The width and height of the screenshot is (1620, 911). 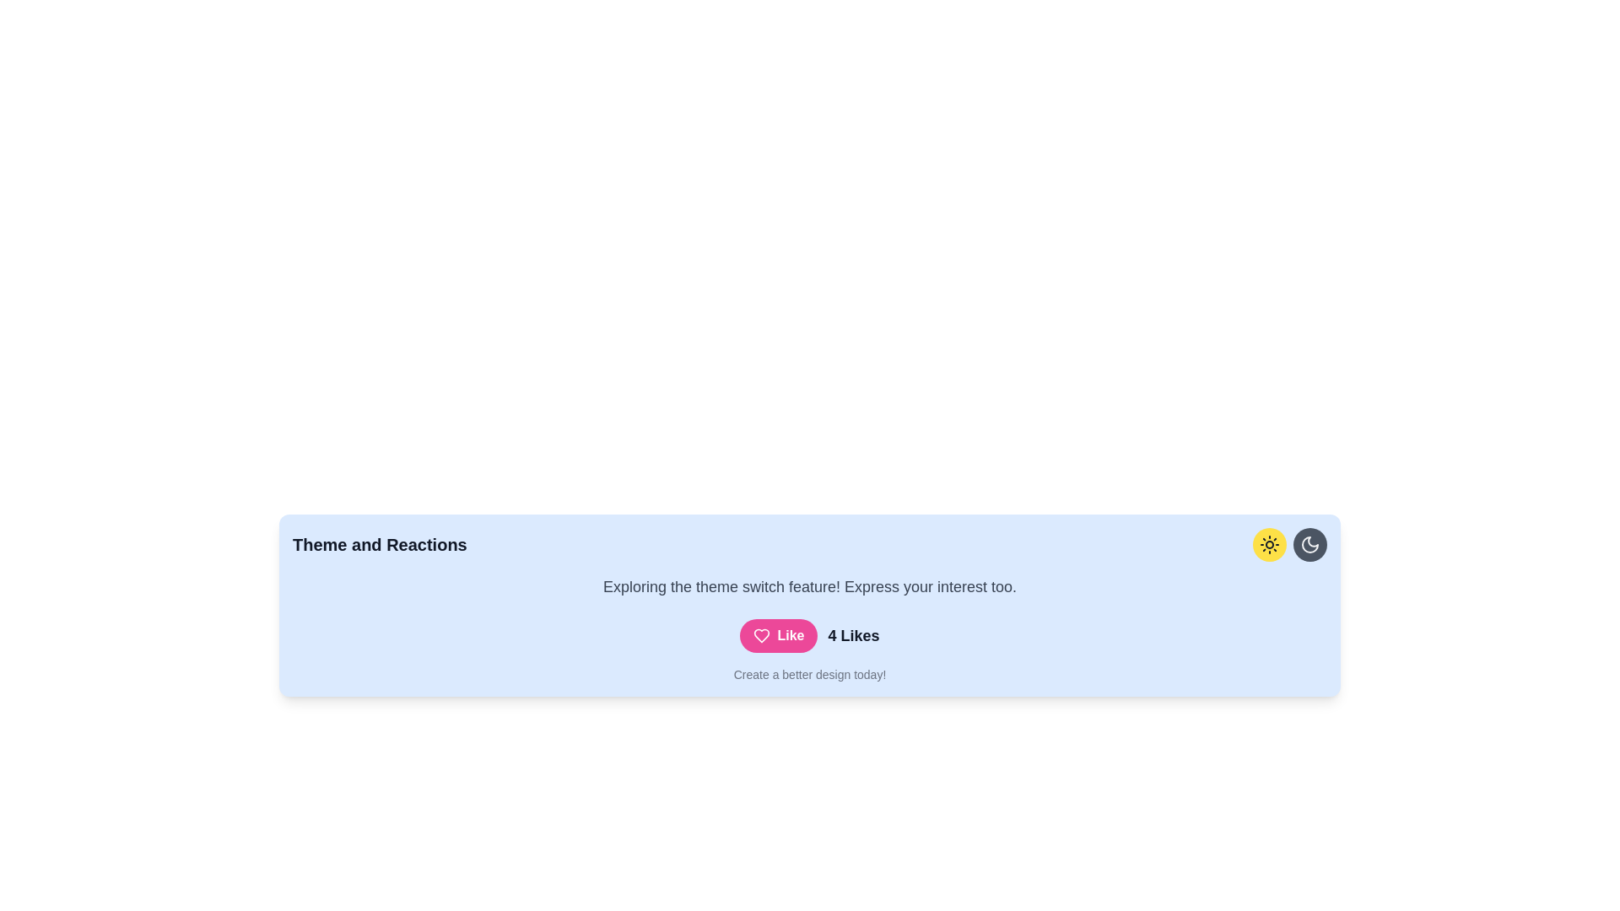 I want to click on the night mode icon located at the top-right corner of the 'Theme and Reactions' panel, so click(x=1309, y=544).